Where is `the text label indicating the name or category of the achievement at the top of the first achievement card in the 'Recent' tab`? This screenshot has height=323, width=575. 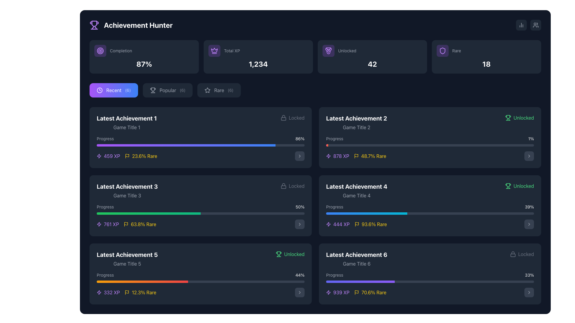 the text label indicating the name or category of the achievement at the top of the first achievement card in the 'Recent' tab is located at coordinates (126, 118).